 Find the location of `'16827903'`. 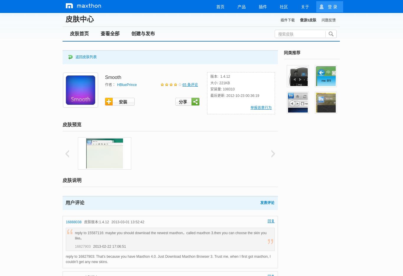

'16827903' is located at coordinates (83, 246).